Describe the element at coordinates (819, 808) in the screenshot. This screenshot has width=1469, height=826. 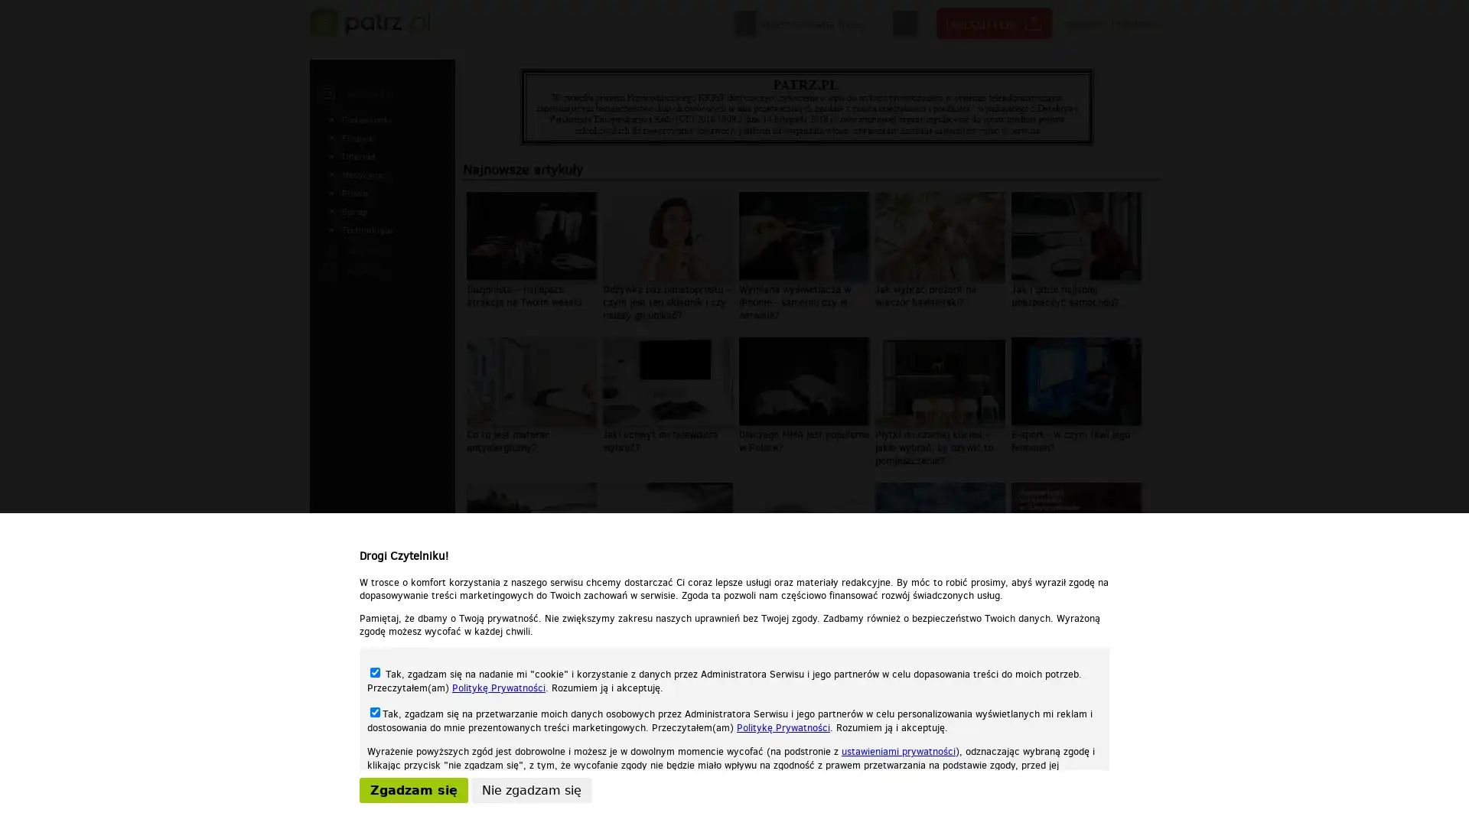
I see `Ok, rozumiem` at that location.